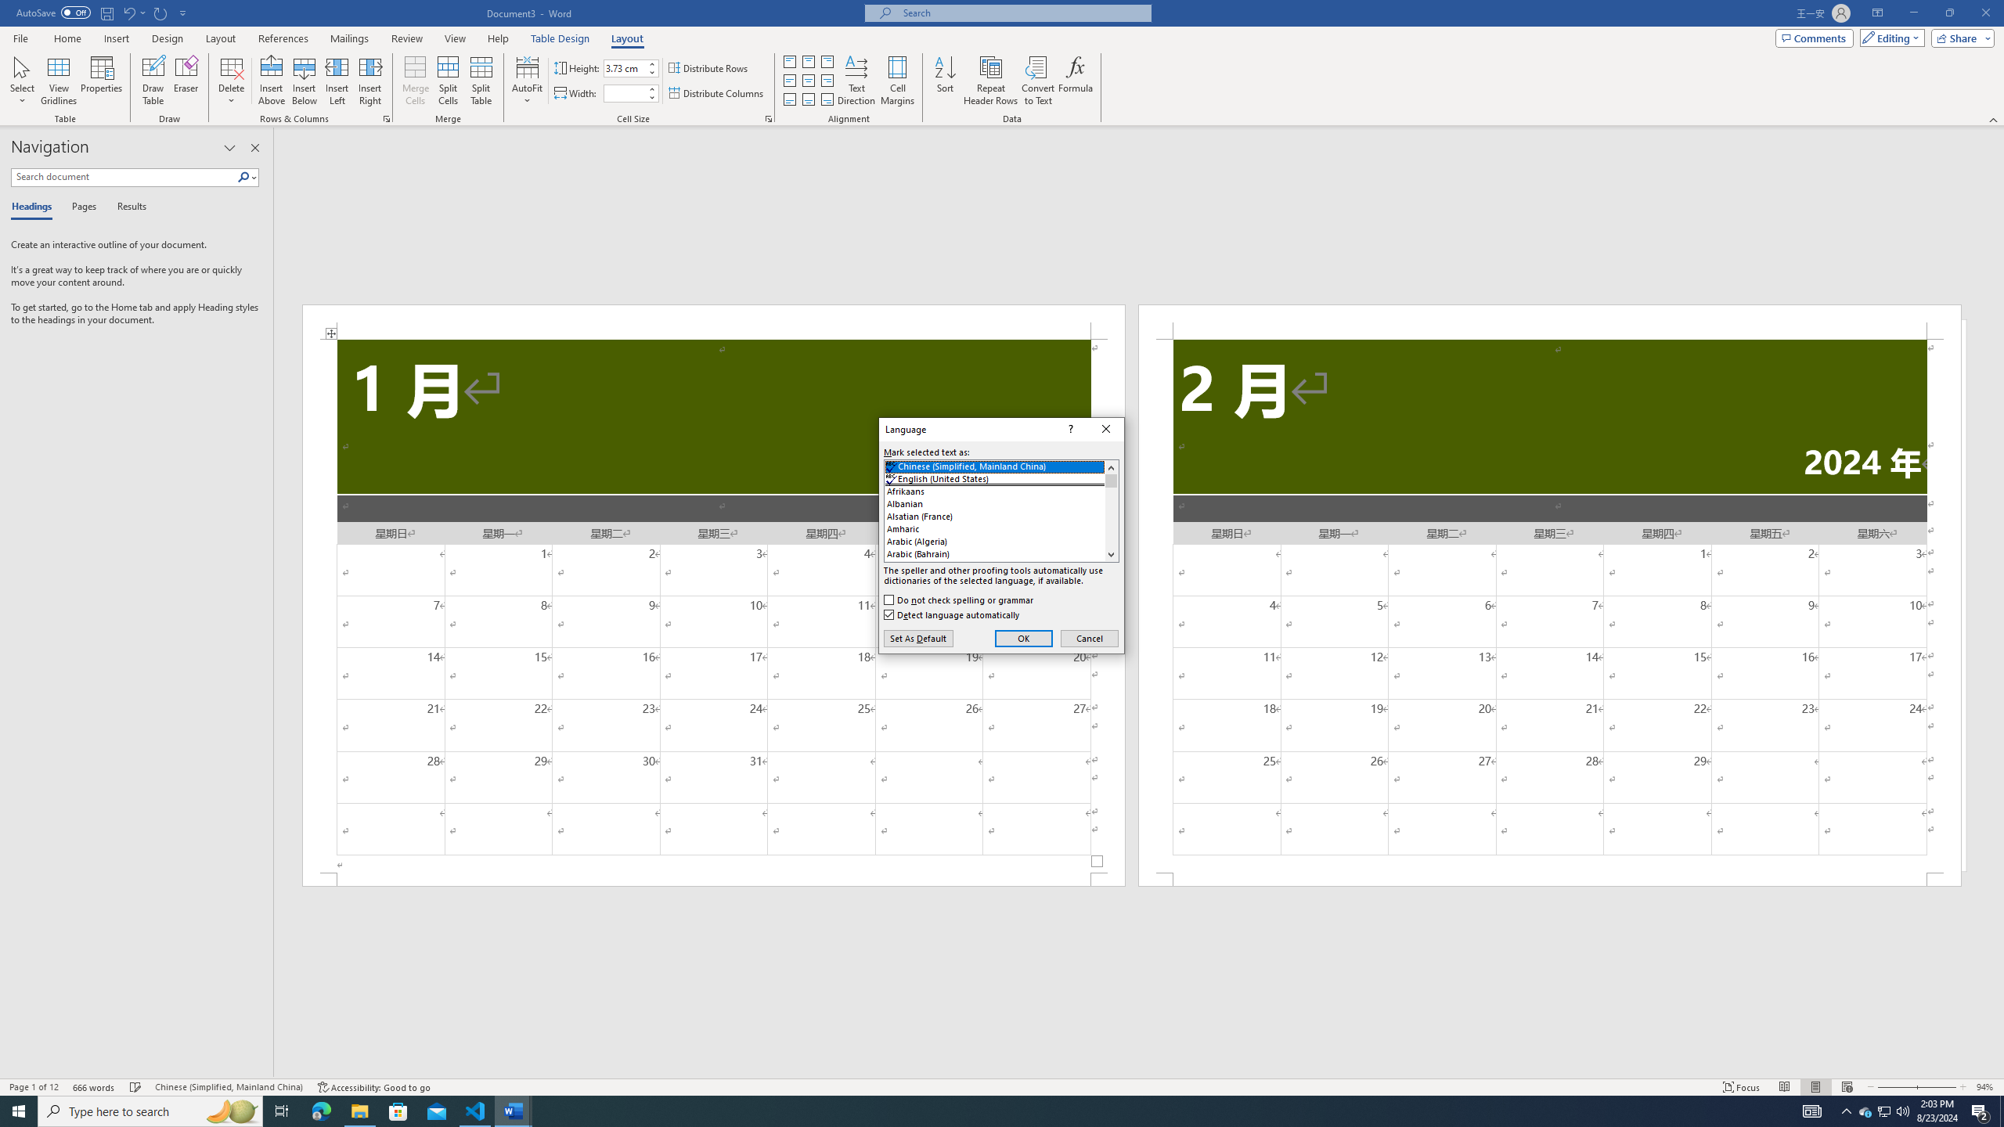  Describe the element at coordinates (1981, 1110) in the screenshot. I see `'Action Center, 2 new notifications'` at that location.